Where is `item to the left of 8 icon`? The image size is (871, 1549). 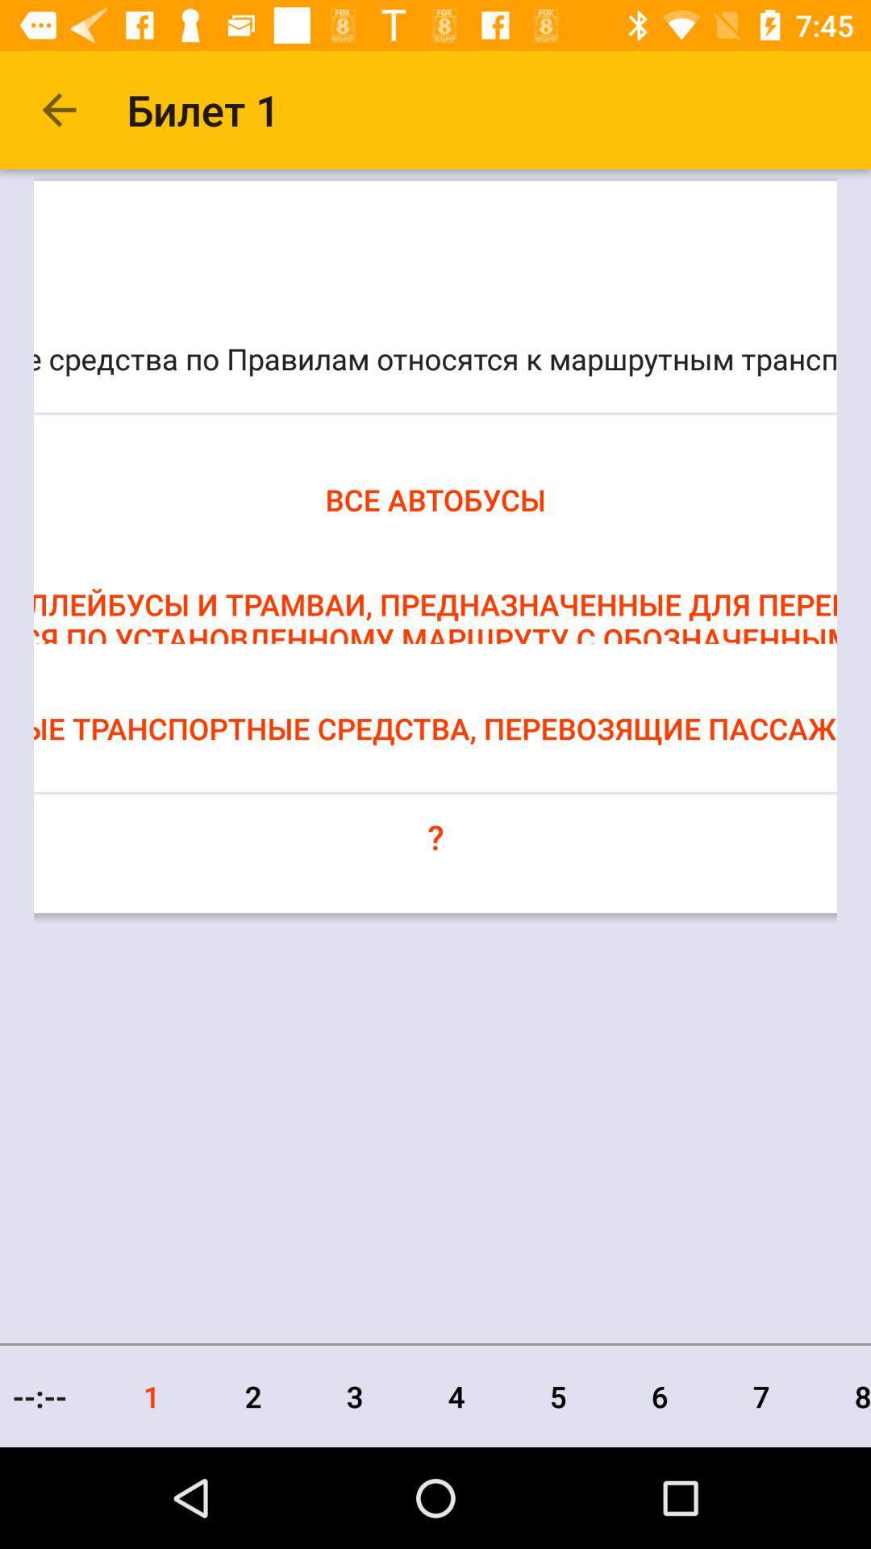 item to the left of 8 icon is located at coordinates (761, 1396).